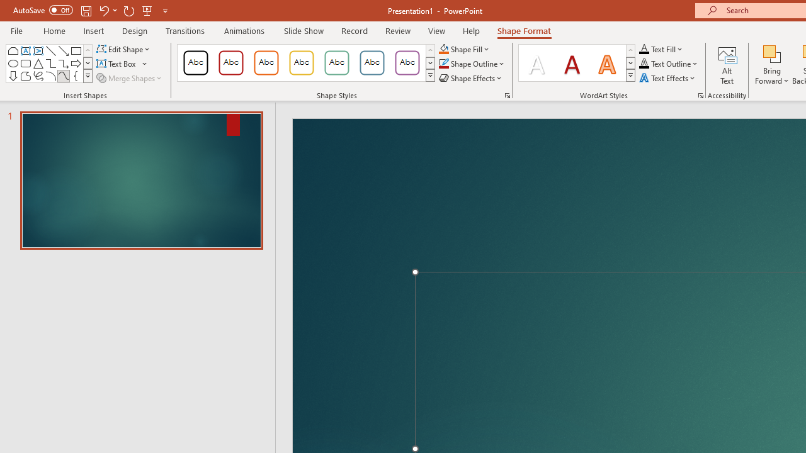  Describe the element at coordinates (117, 64) in the screenshot. I see `'Draw Horizontal Text Box'` at that location.